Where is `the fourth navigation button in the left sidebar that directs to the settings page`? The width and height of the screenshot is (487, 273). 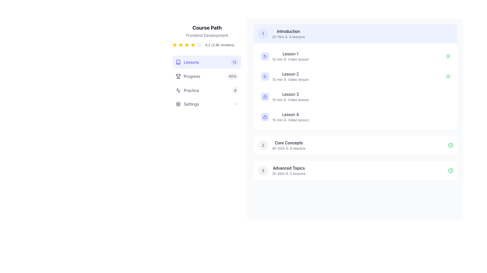
the fourth navigation button in the left sidebar that directs to the settings page is located at coordinates (207, 104).